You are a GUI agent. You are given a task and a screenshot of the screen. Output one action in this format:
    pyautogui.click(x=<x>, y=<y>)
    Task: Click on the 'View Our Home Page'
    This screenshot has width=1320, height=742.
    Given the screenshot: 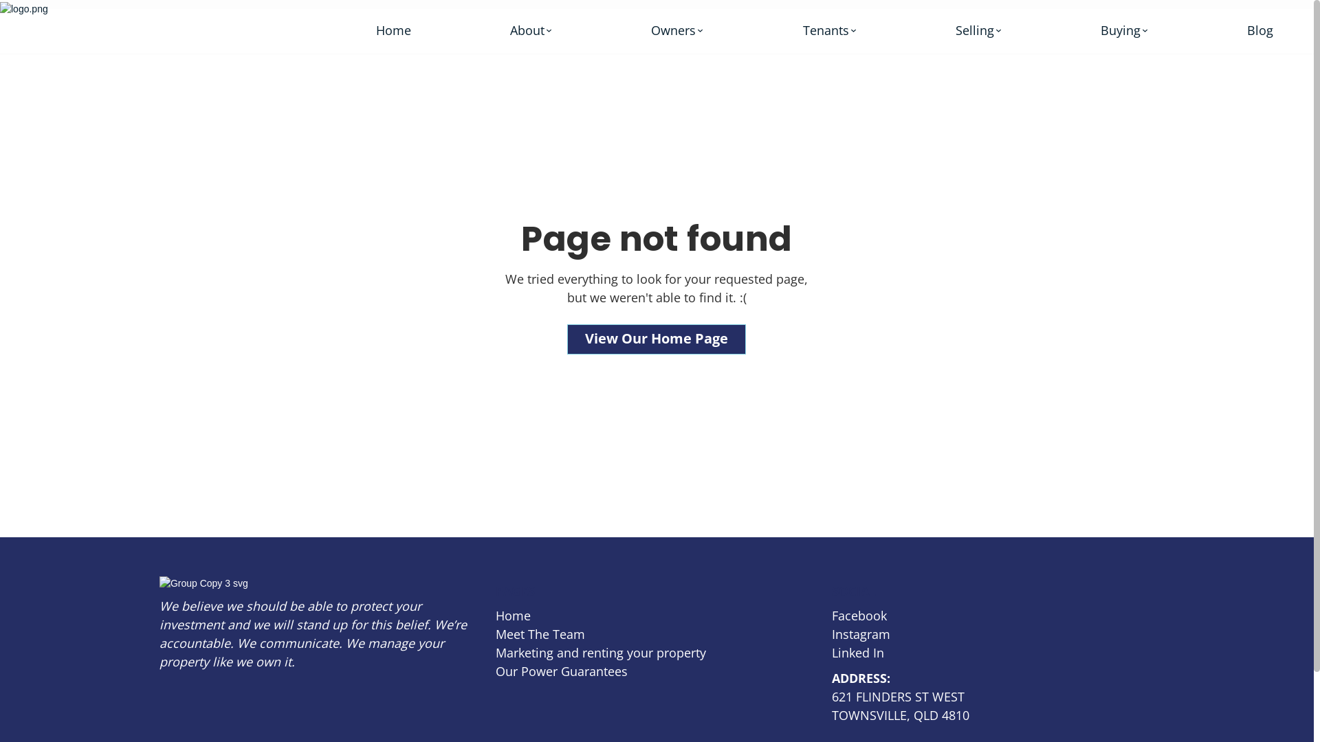 What is the action you would take?
    pyautogui.click(x=567, y=339)
    